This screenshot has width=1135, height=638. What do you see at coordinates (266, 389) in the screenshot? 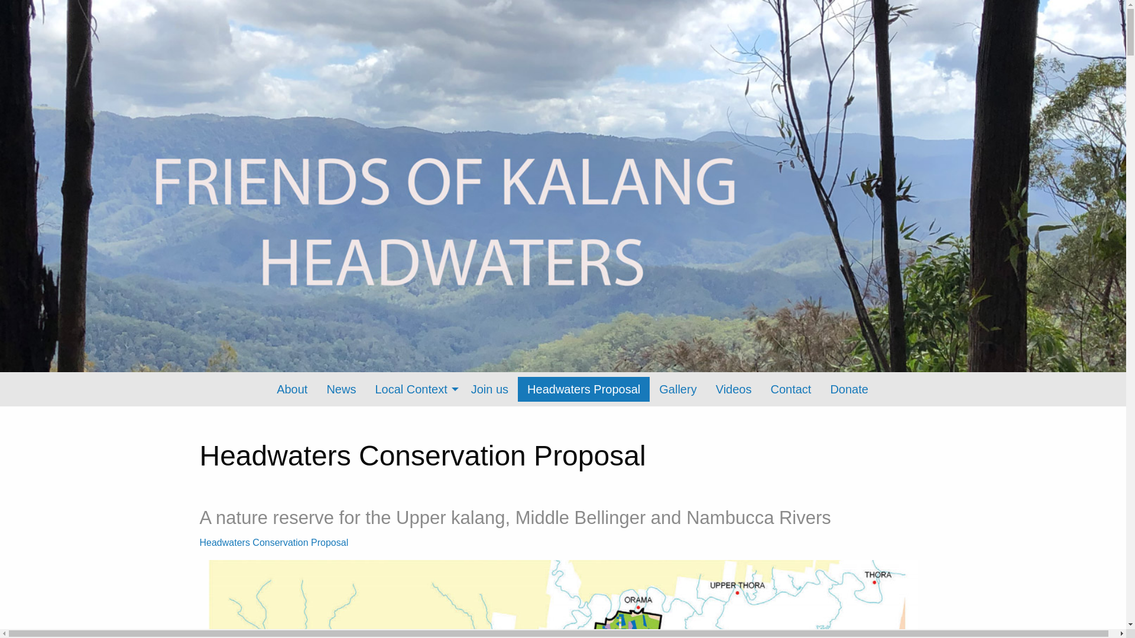
I see `'About'` at bounding box center [266, 389].